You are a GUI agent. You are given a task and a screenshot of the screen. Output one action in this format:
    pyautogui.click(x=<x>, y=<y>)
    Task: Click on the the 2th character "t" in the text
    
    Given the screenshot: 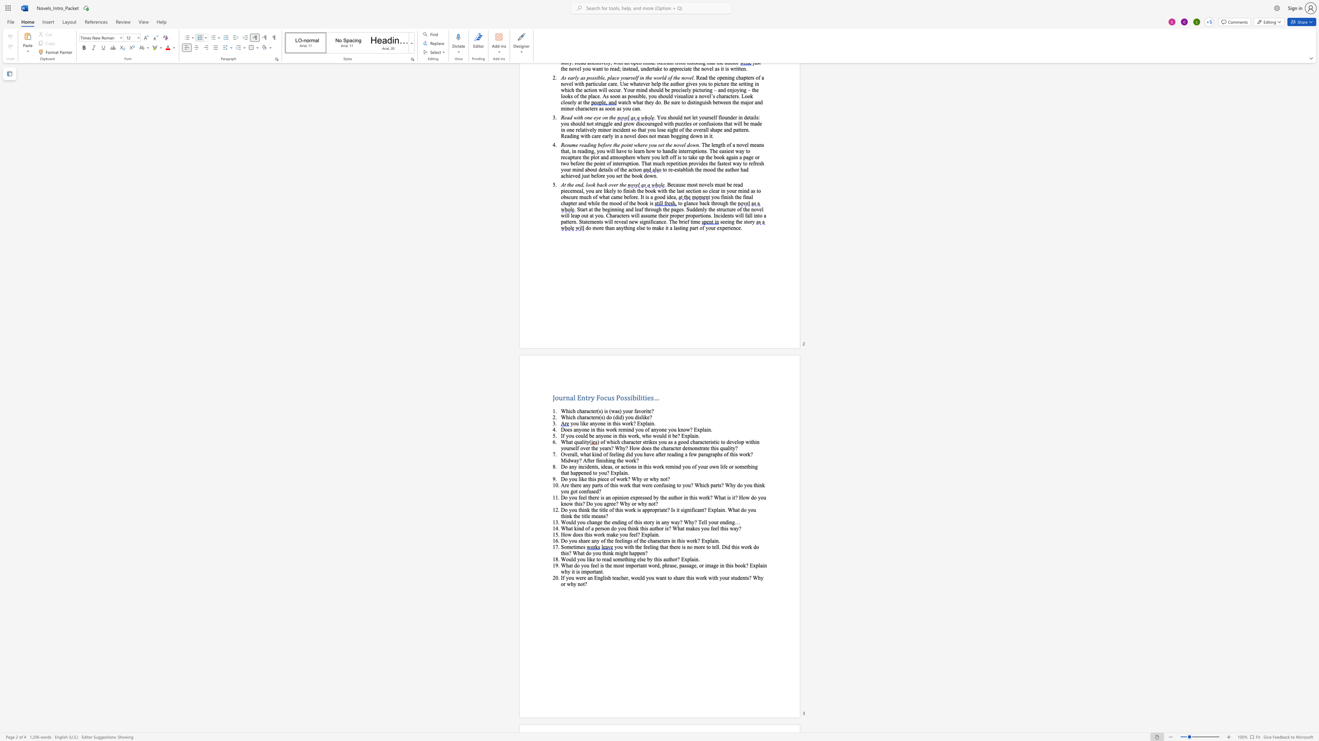 What is the action you would take?
    pyautogui.click(x=606, y=565)
    